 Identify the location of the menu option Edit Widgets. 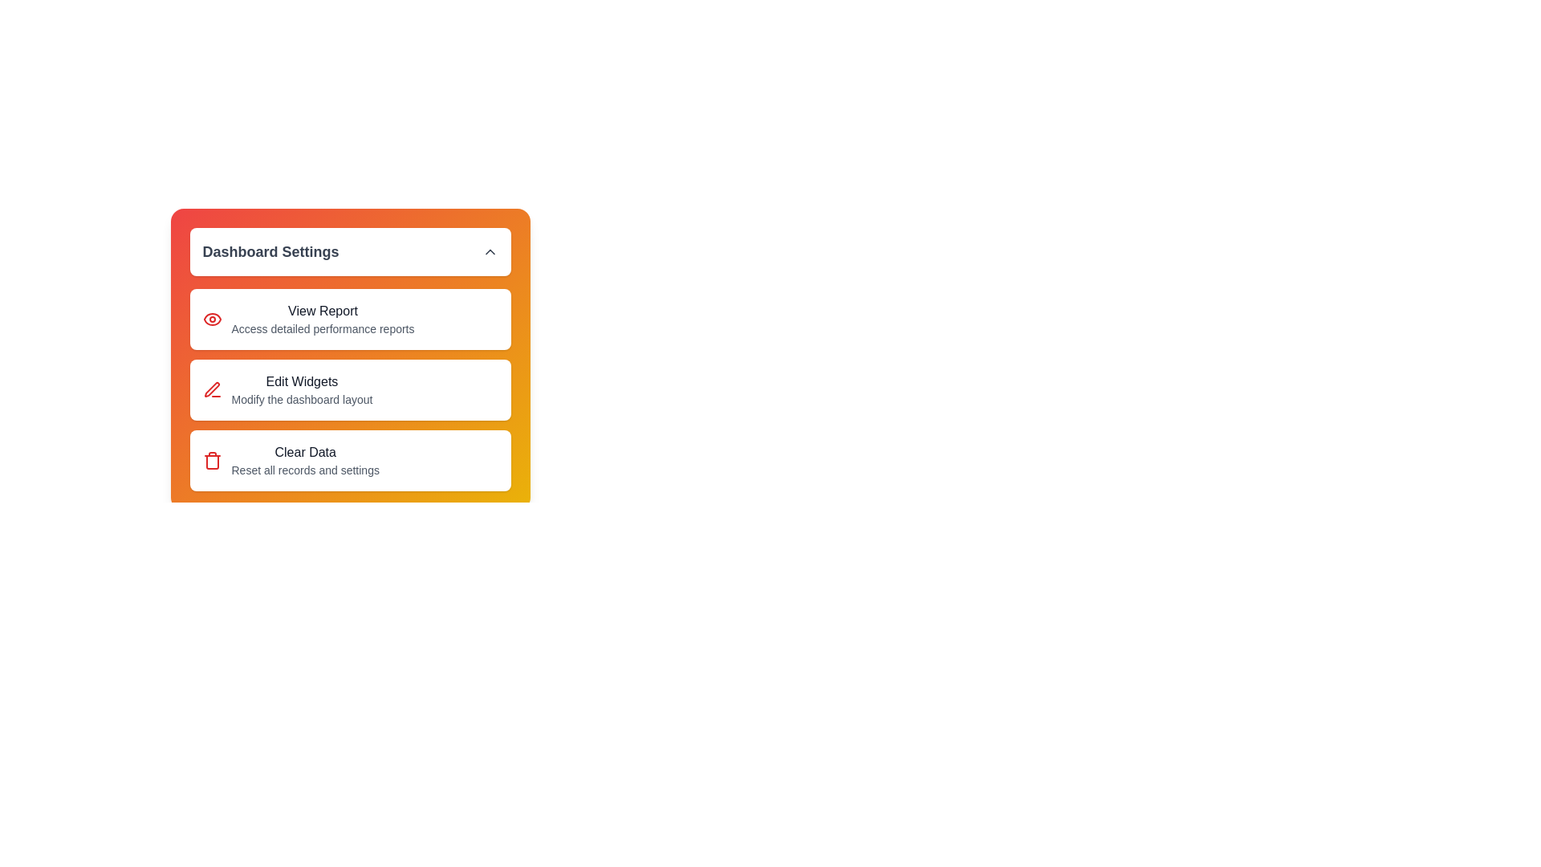
(349, 390).